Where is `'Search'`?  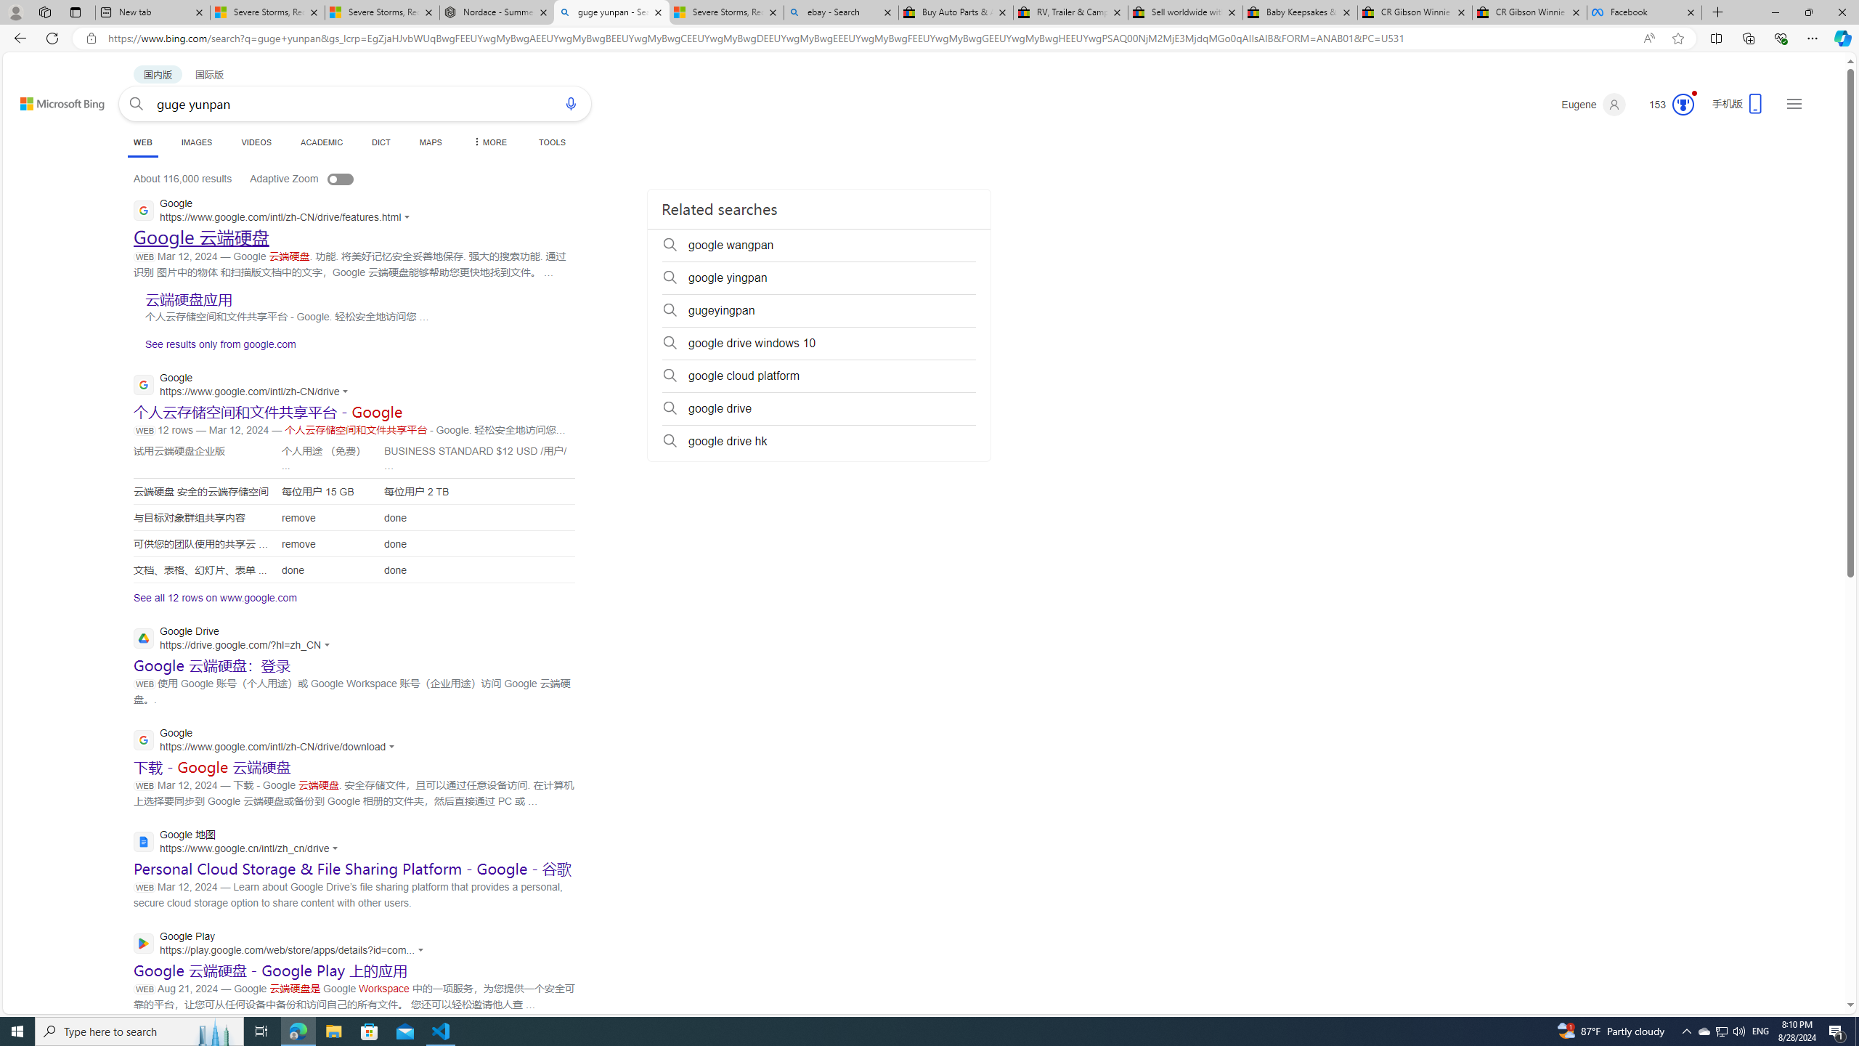 'Search' is located at coordinates (136, 102).